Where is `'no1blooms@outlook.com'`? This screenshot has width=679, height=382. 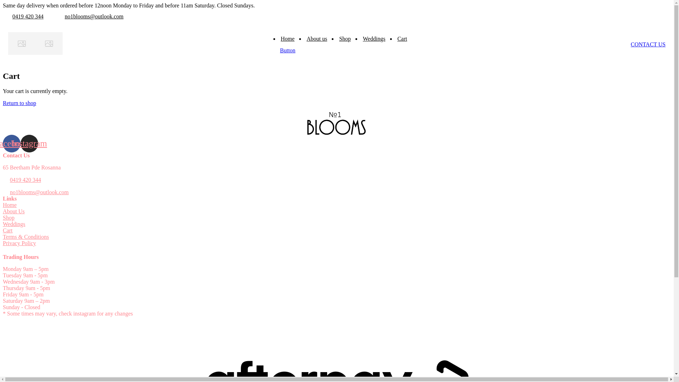
'no1blooms@outlook.com' is located at coordinates (39, 192).